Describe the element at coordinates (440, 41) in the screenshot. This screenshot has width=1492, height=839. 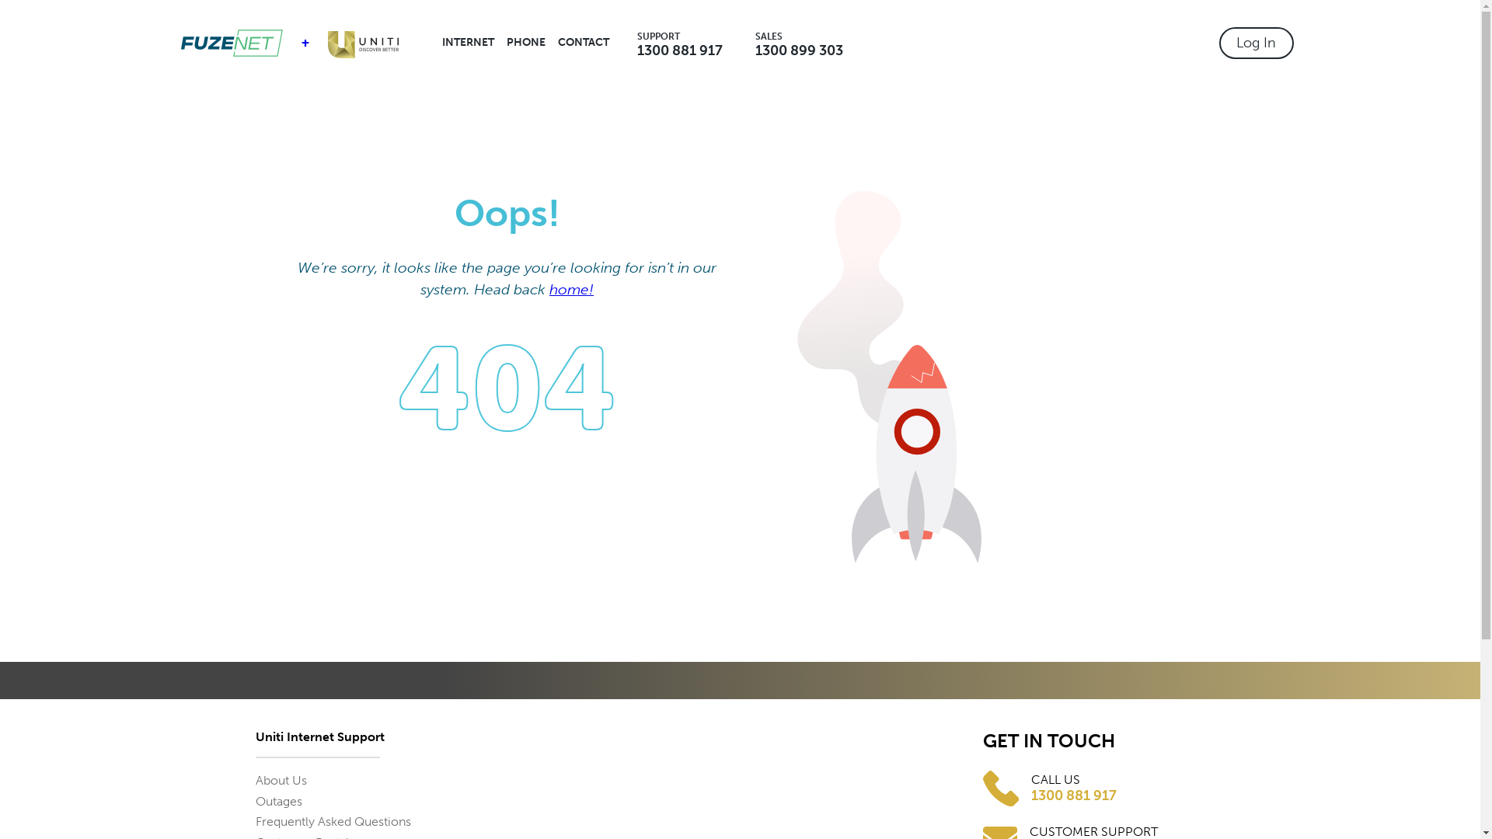
I see `'INTERNET'` at that location.